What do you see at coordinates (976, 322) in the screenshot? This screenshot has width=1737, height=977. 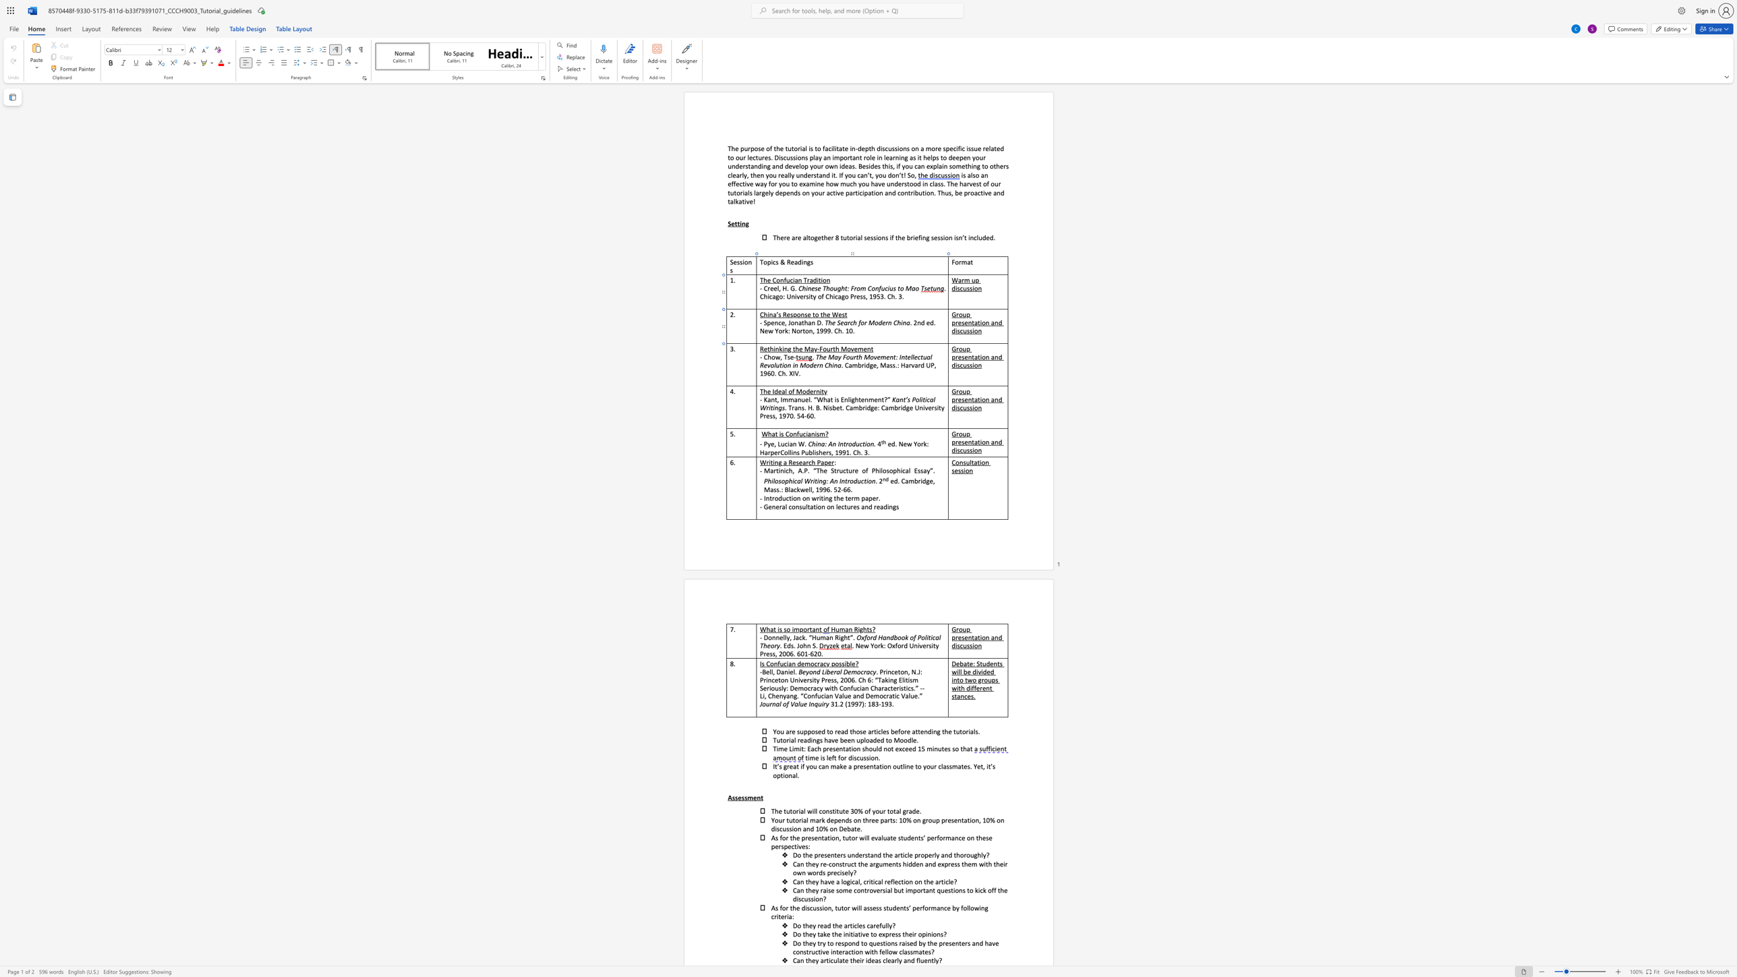 I see `the 1th character "a" in the text` at bounding box center [976, 322].